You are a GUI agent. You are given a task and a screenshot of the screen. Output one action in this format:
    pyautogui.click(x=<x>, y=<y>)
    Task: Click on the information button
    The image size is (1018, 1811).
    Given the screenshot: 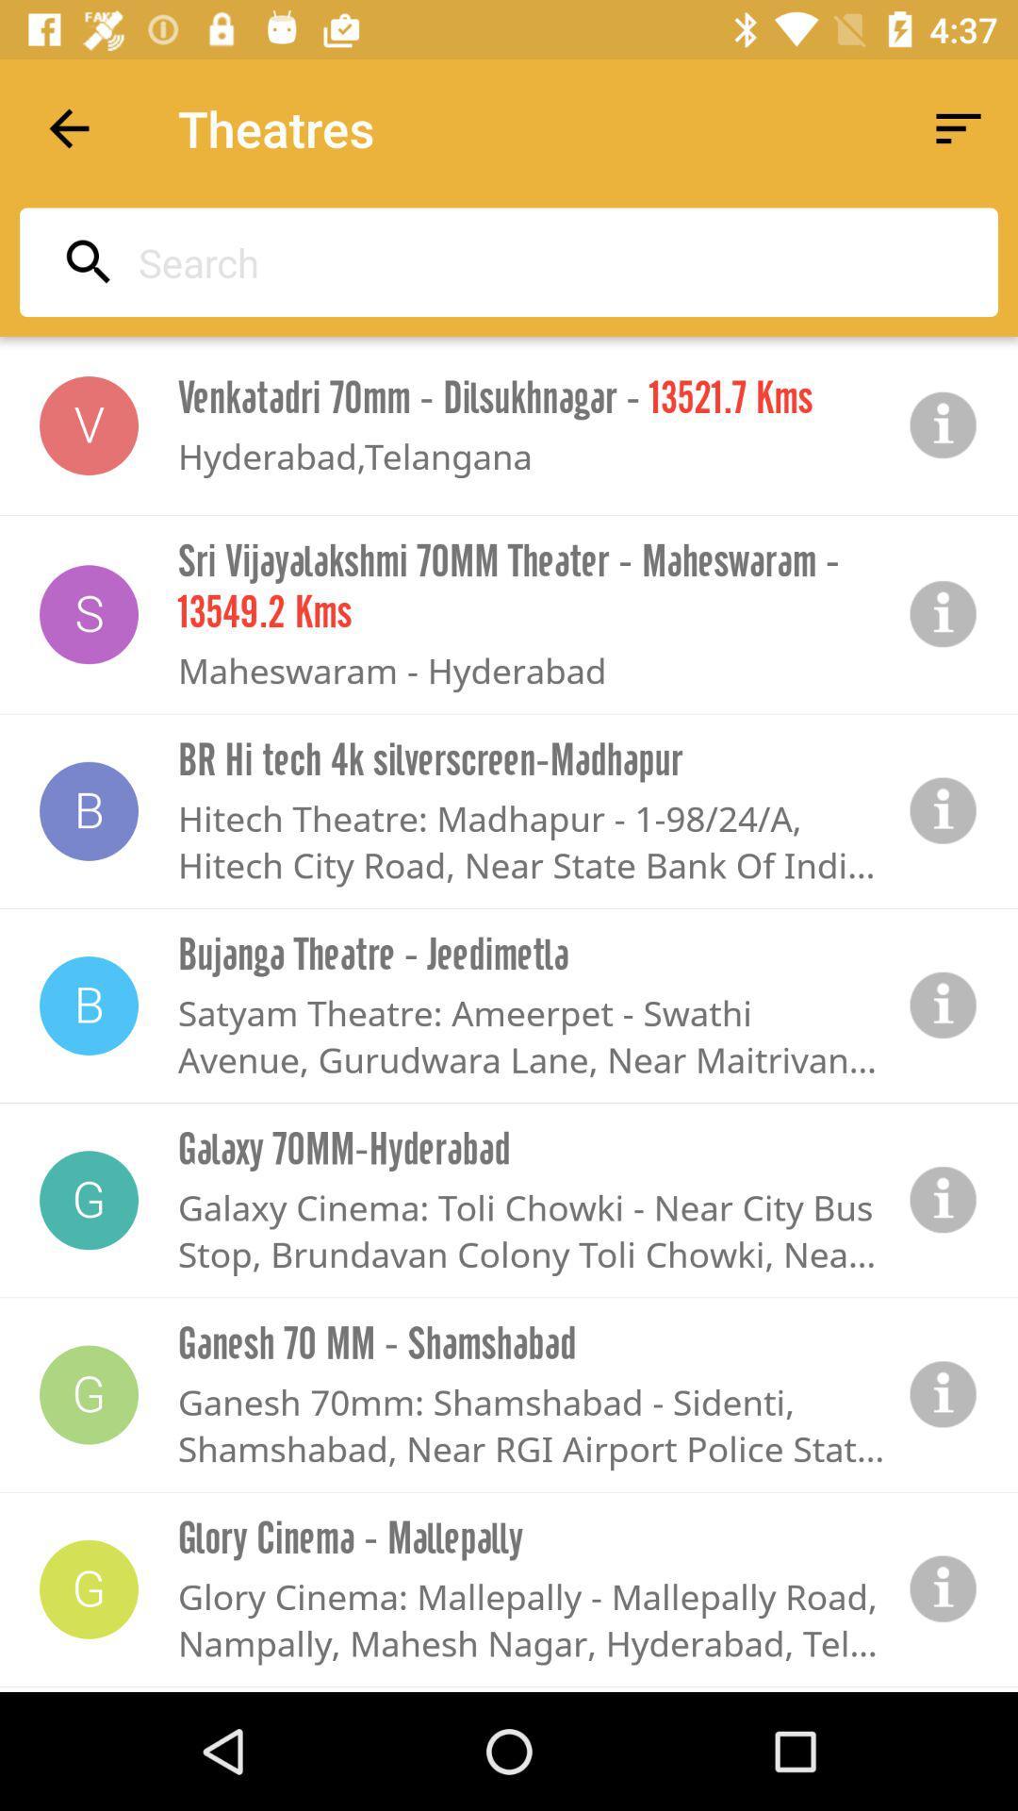 What is the action you would take?
    pyautogui.click(x=944, y=424)
    